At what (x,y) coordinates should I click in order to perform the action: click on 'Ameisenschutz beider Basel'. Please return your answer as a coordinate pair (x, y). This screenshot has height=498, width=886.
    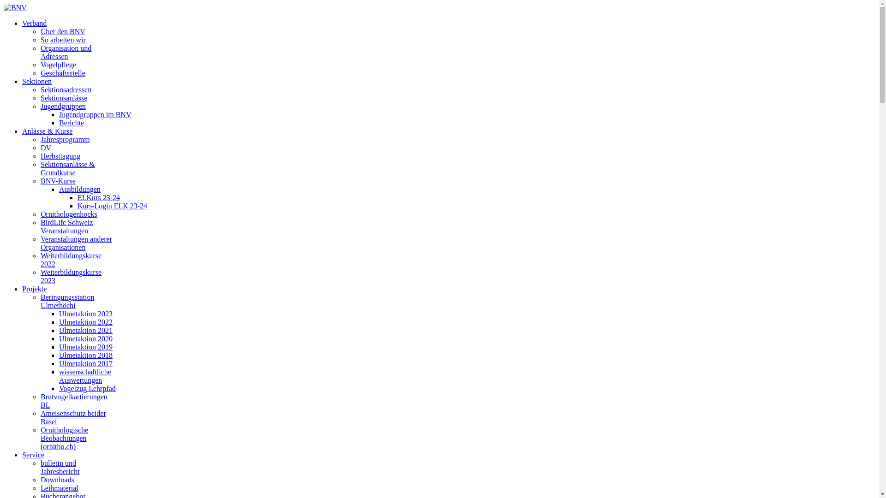
    Looking at the image, I should click on (72, 417).